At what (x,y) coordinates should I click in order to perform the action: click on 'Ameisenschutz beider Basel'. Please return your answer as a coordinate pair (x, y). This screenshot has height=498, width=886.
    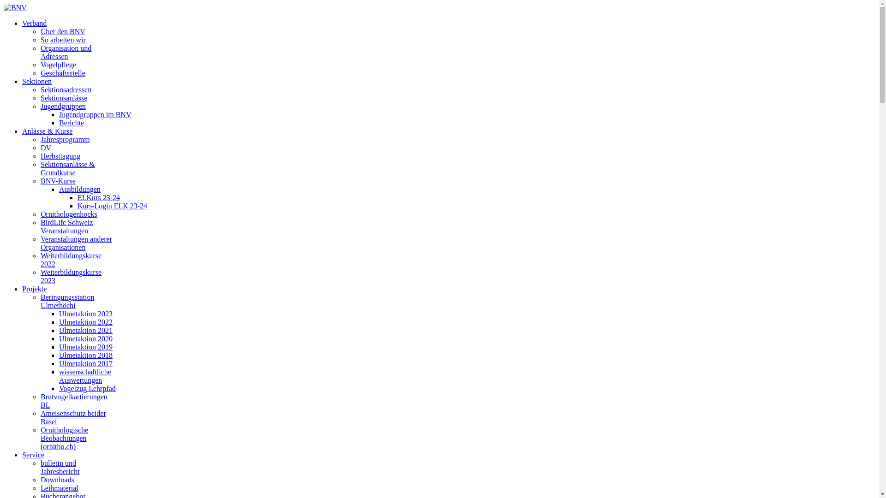
    Looking at the image, I should click on (72, 417).